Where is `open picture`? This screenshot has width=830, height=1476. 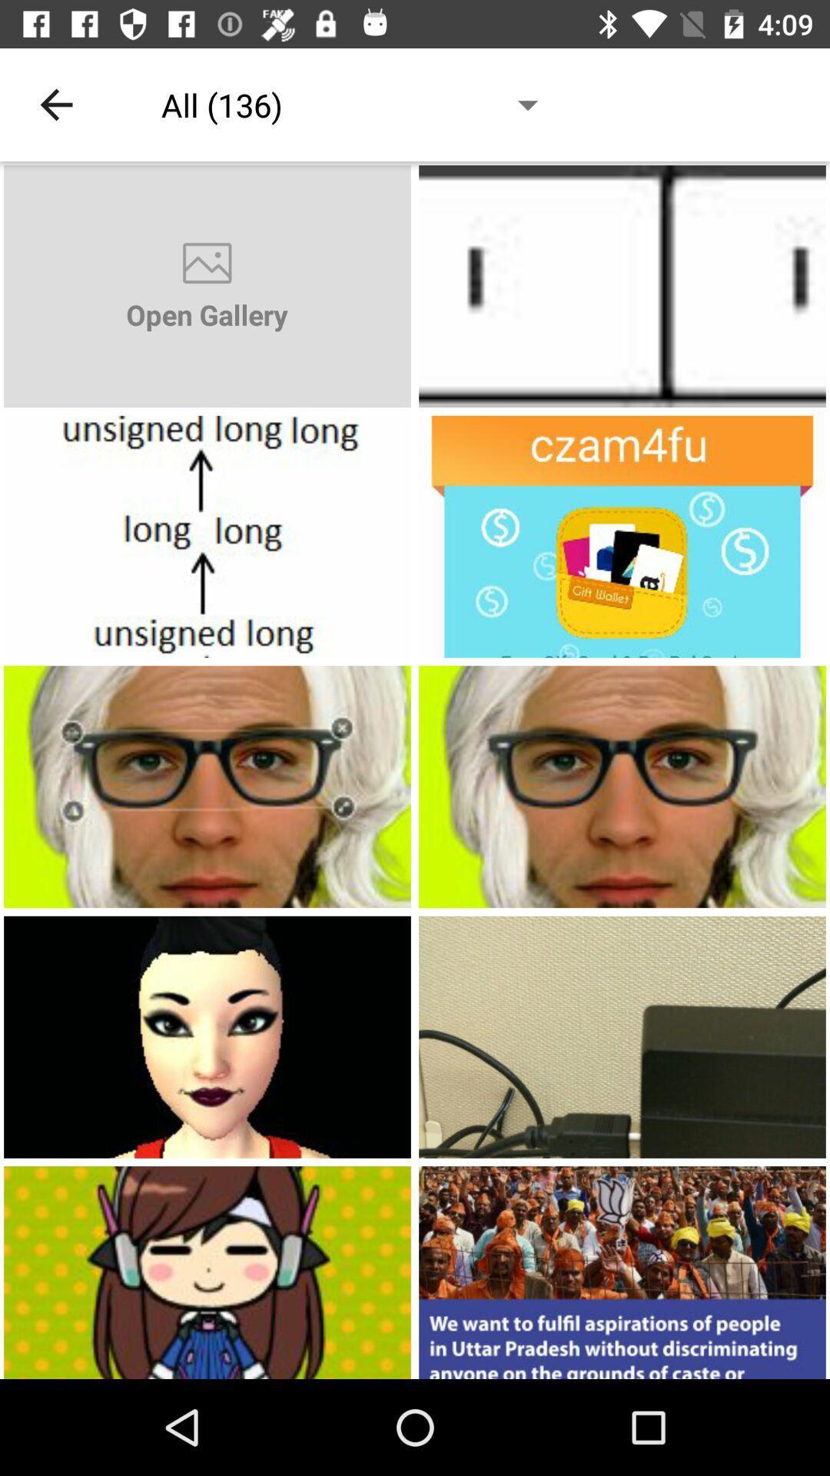 open picture is located at coordinates (622, 786).